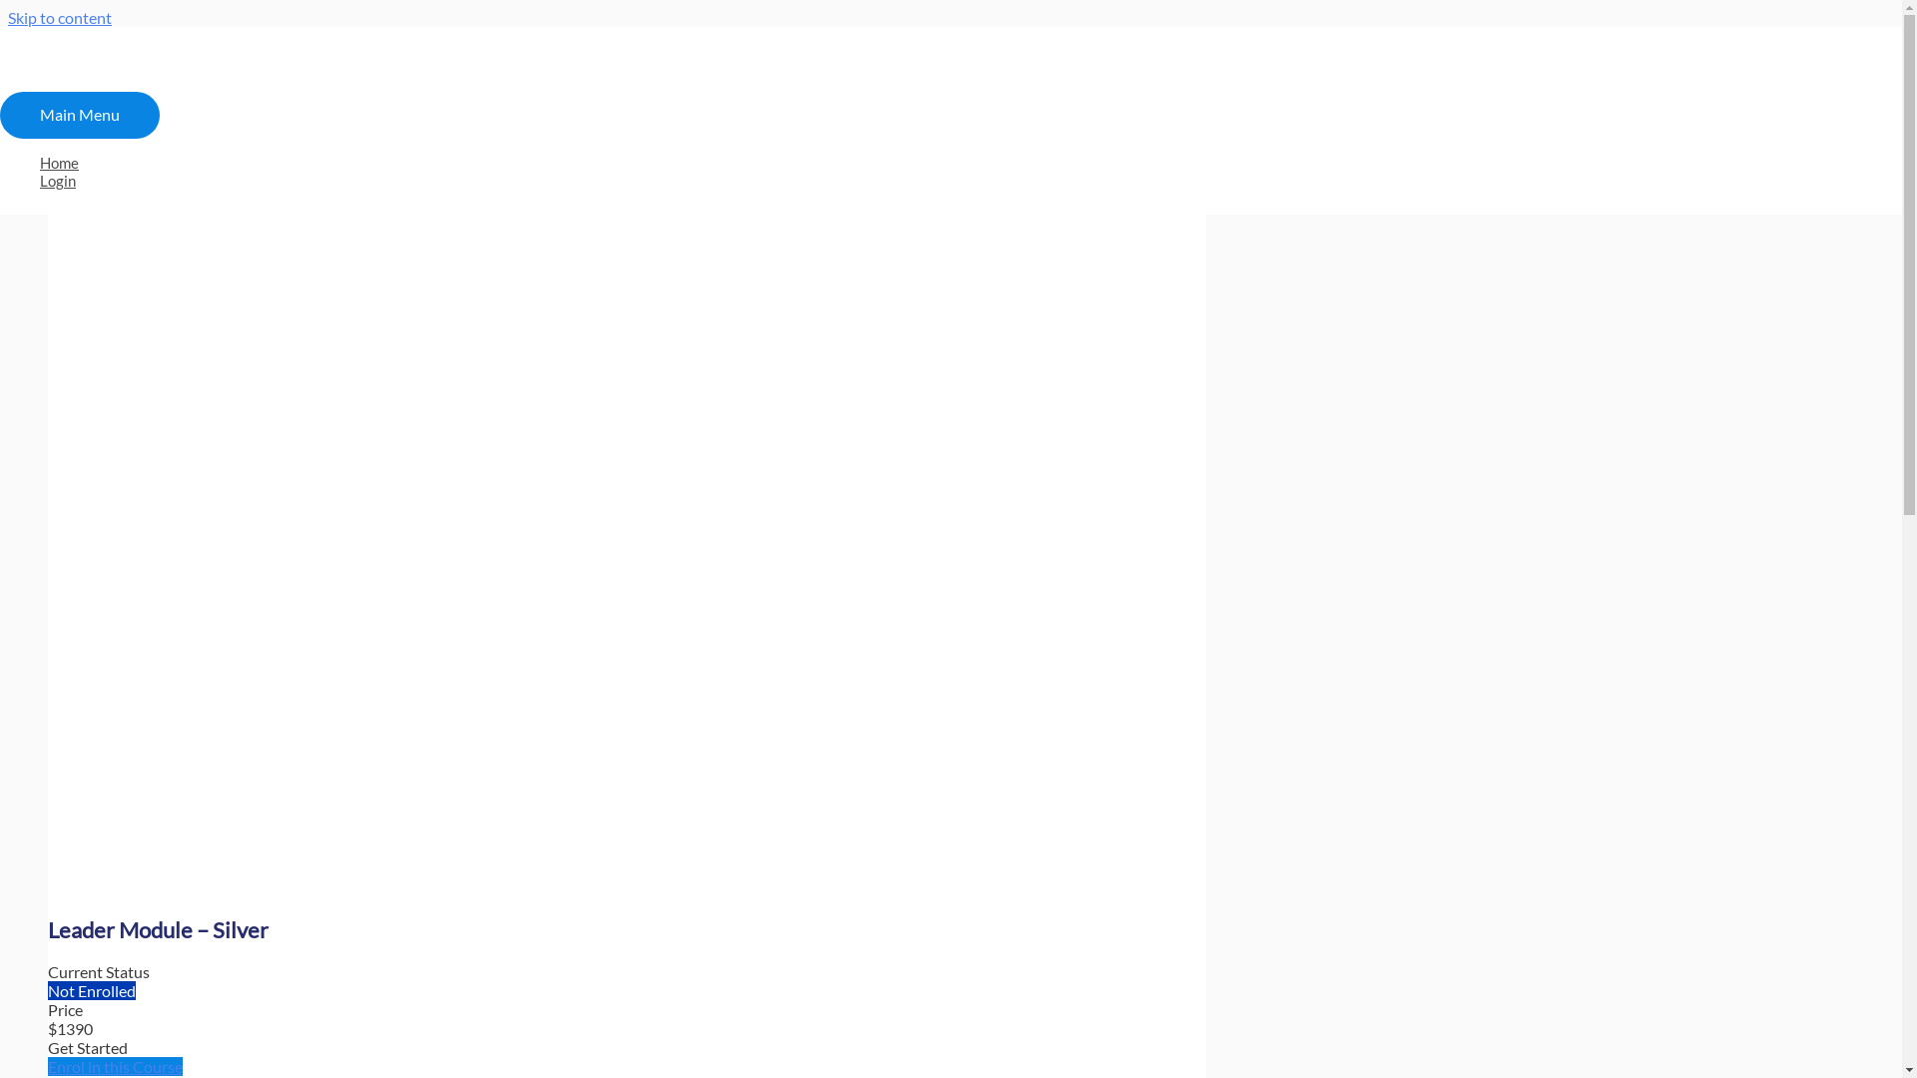 The height and width of the screenshot is (1078, 1917). I want to click on 'Skip to content', so click(59, 17).